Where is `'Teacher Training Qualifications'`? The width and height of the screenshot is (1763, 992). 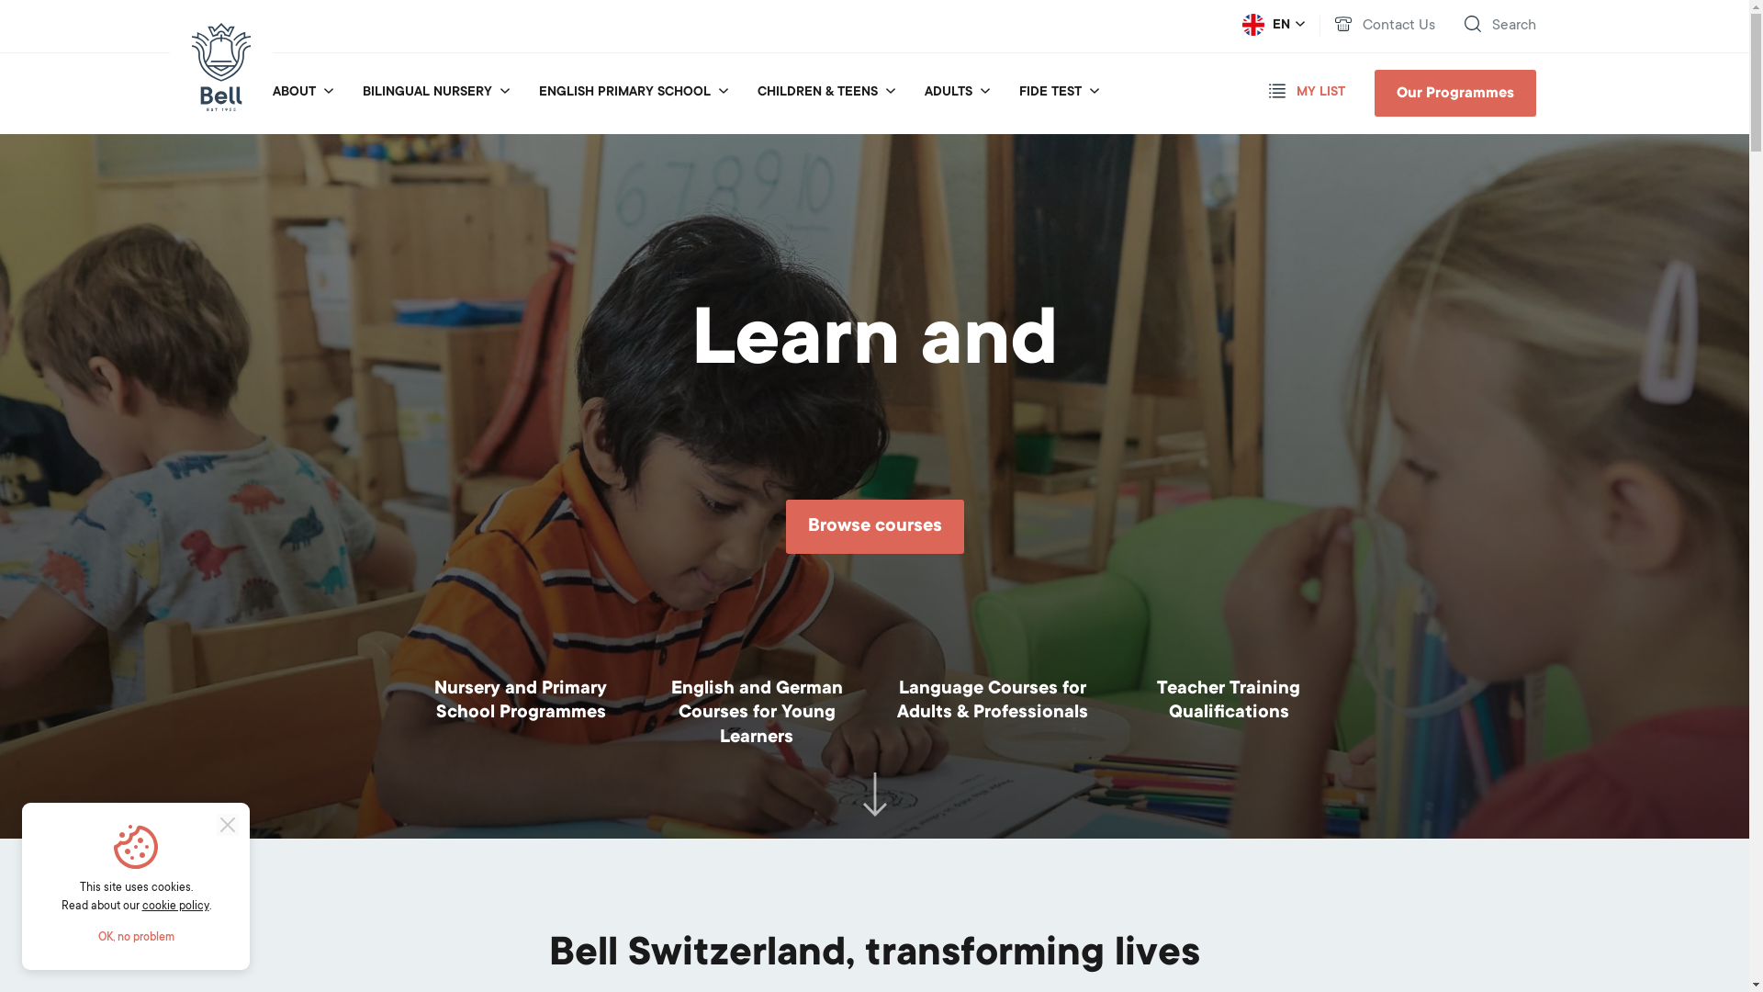
'Teacher Training Qualifications' is located at coordinates (1229, 702).